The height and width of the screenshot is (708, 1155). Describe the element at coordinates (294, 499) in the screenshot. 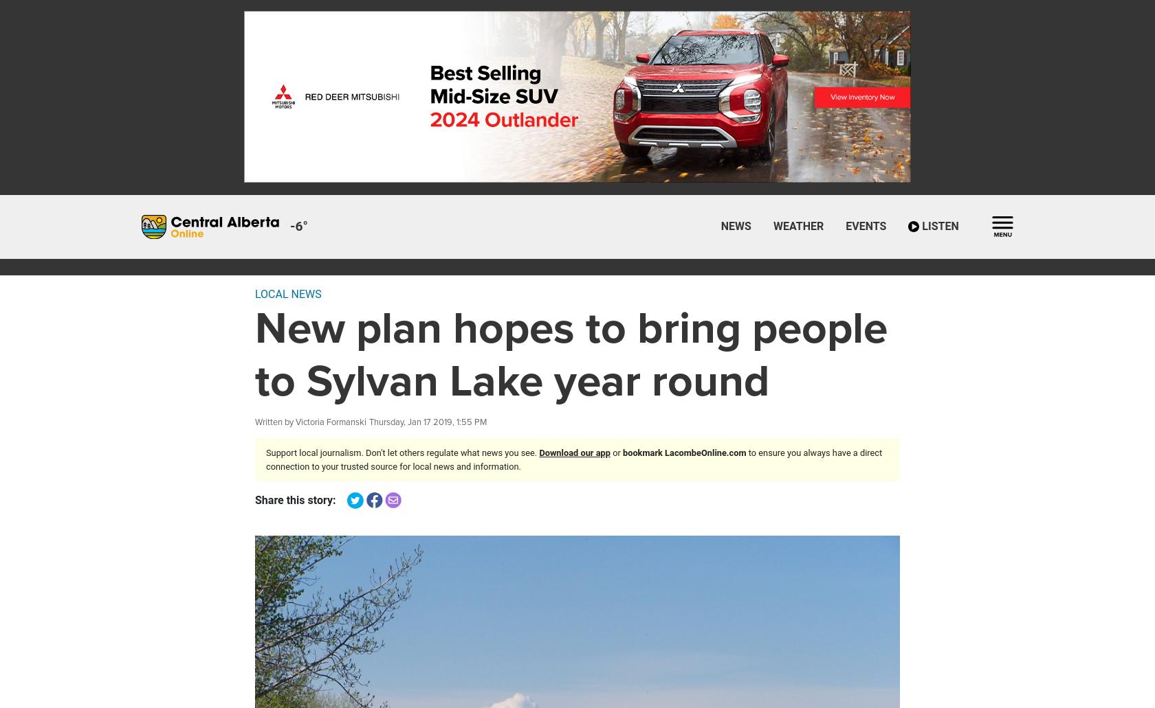

I see `'Share this story:'` at that location.